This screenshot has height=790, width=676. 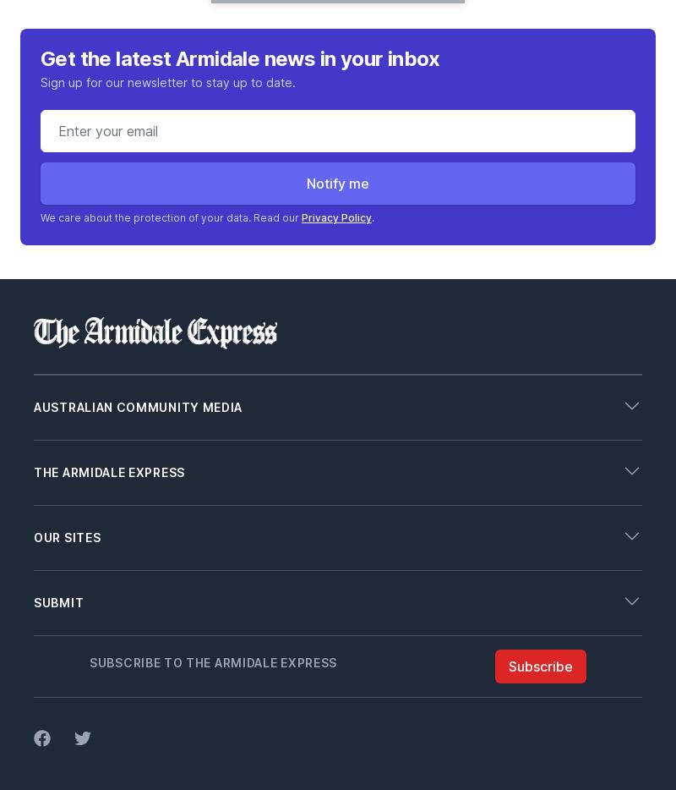 I want to click on 'Submit', so click(x=58, y=602).